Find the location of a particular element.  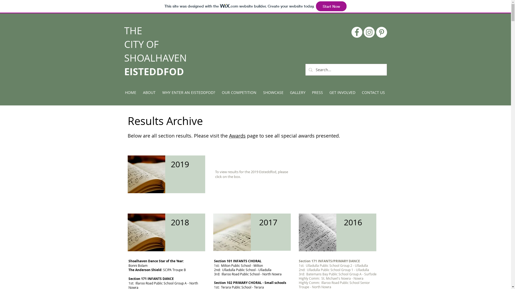

'HOME' is located at coordinates (131, 92).